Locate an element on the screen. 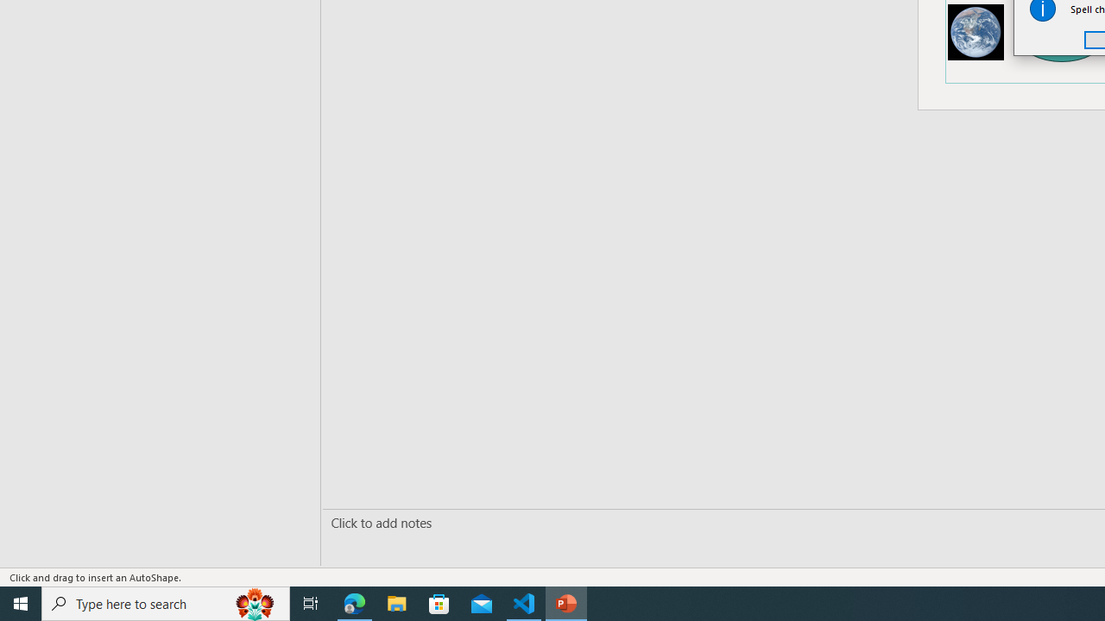 The height and width of the screenshot is (621, 1105). 'Microsoft Store' is located at coordinates (439, 602).